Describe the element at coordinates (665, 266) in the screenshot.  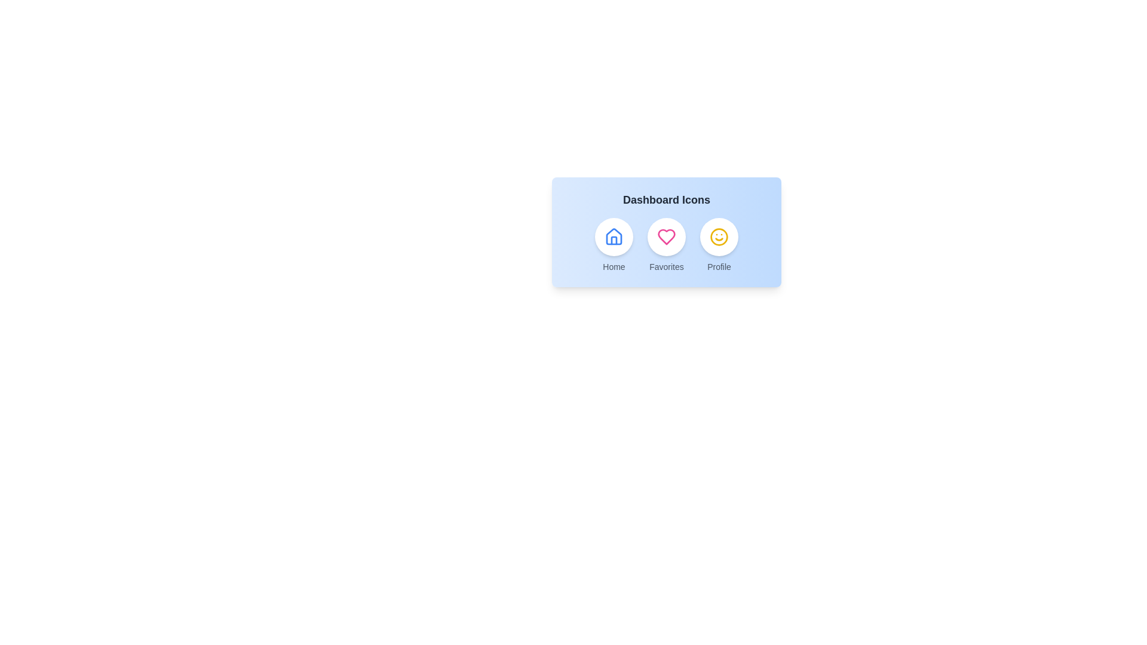
I see `the 'Favorites' text label, which is the third item in a group of labels under the corresponding icons, indicating that the heart icon represents 'Favorites'` at that location.